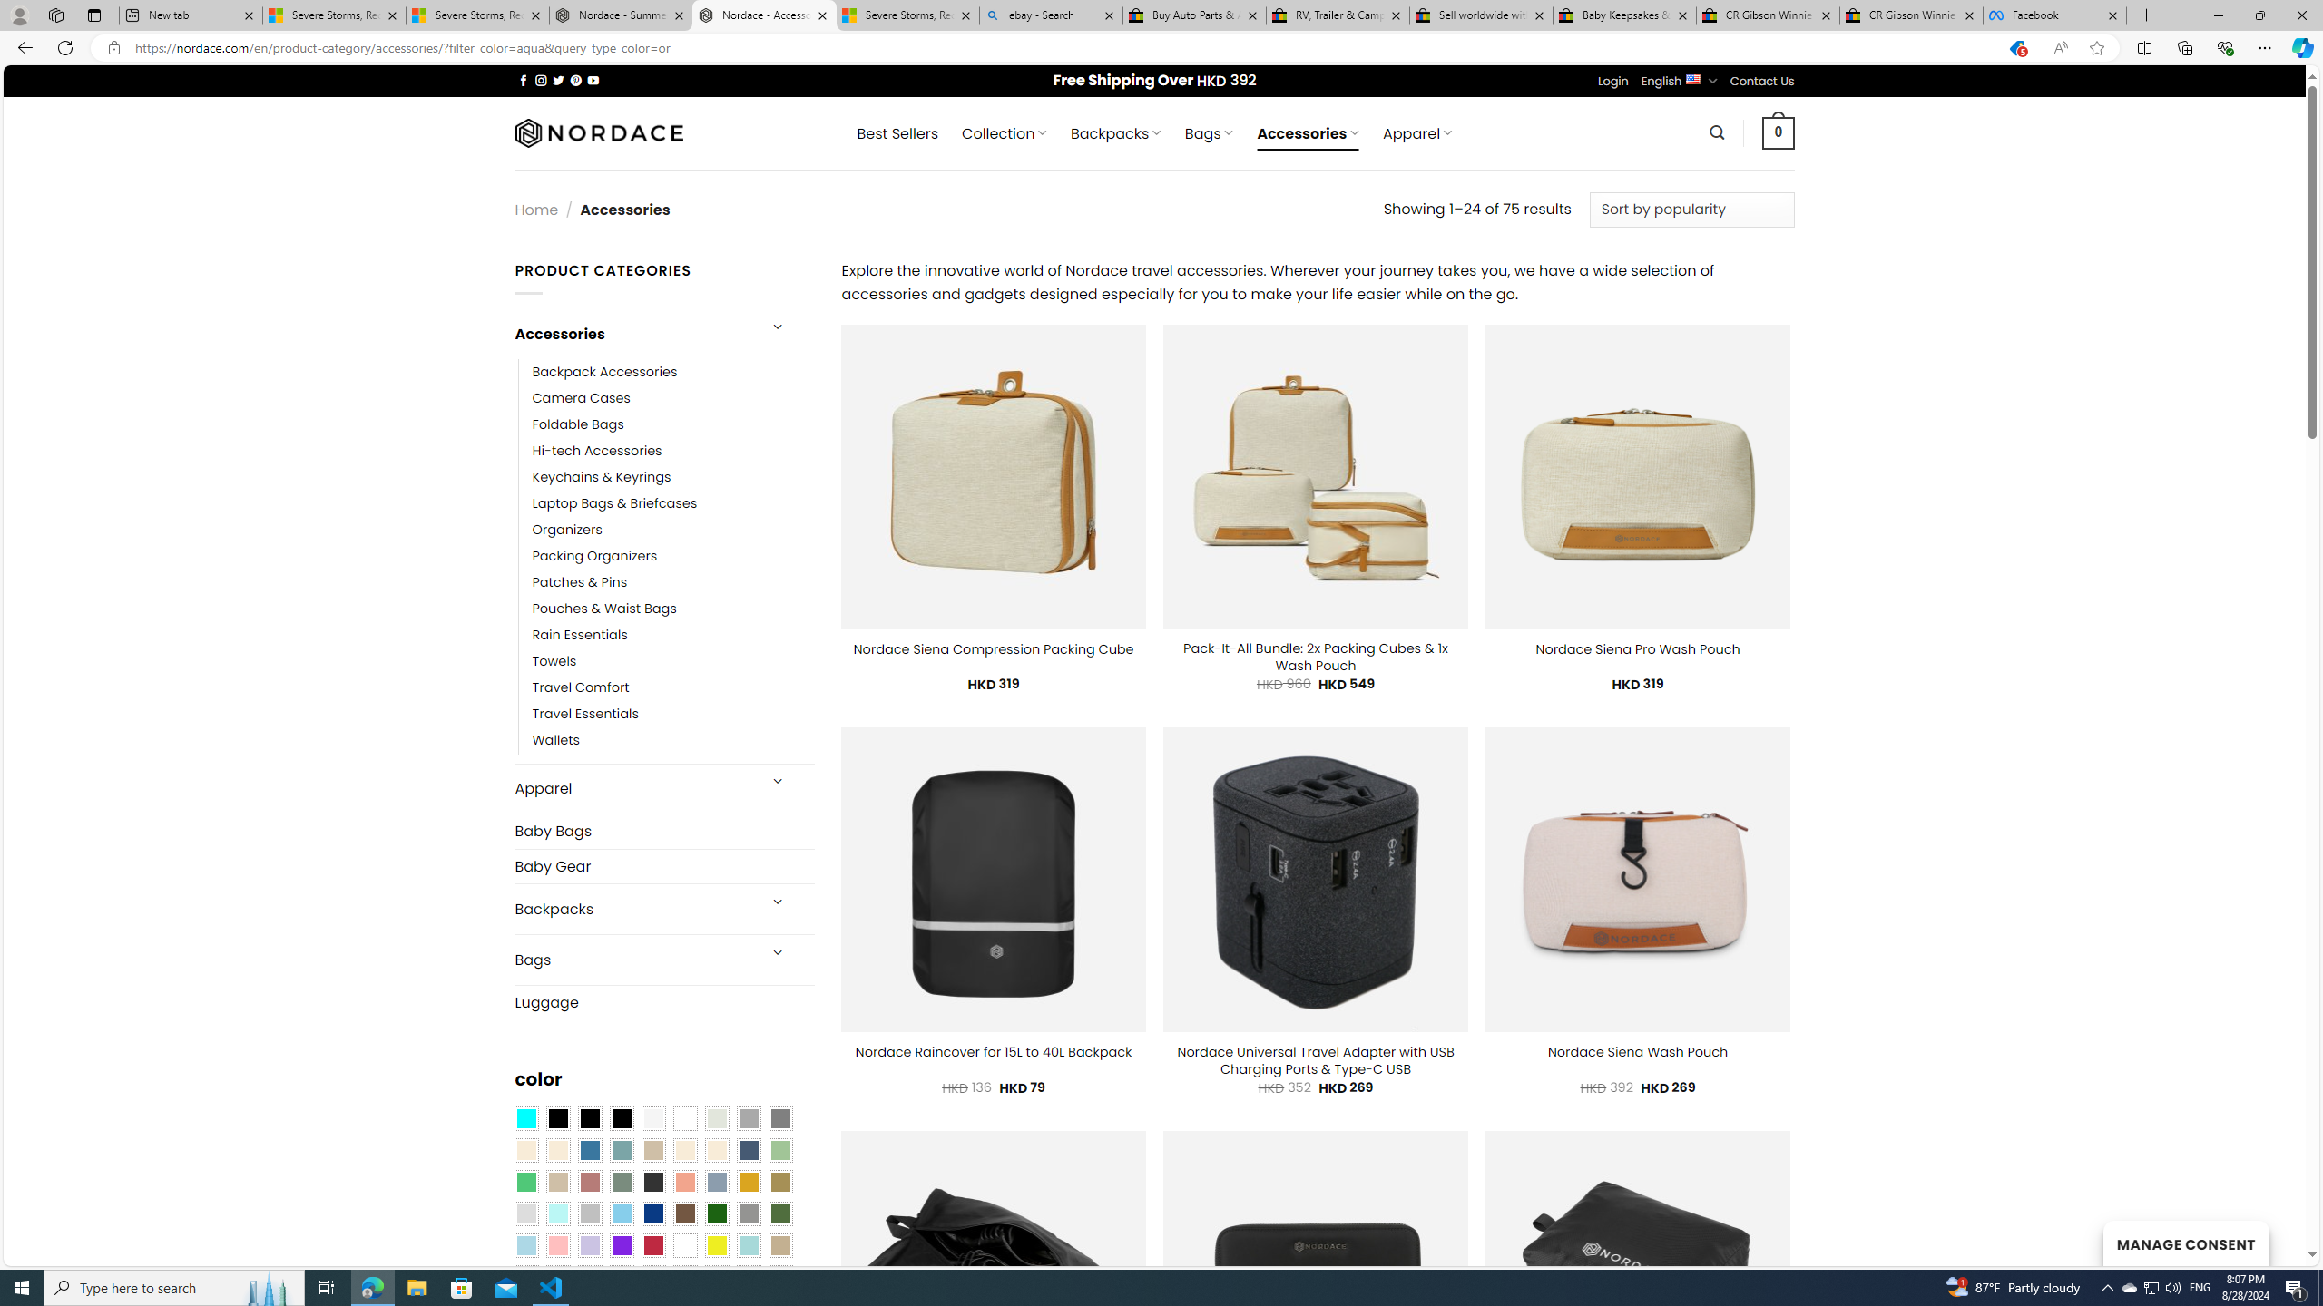 The image size is (2323, 1306). I want to click on 'Khaki', so click(780, 1244).